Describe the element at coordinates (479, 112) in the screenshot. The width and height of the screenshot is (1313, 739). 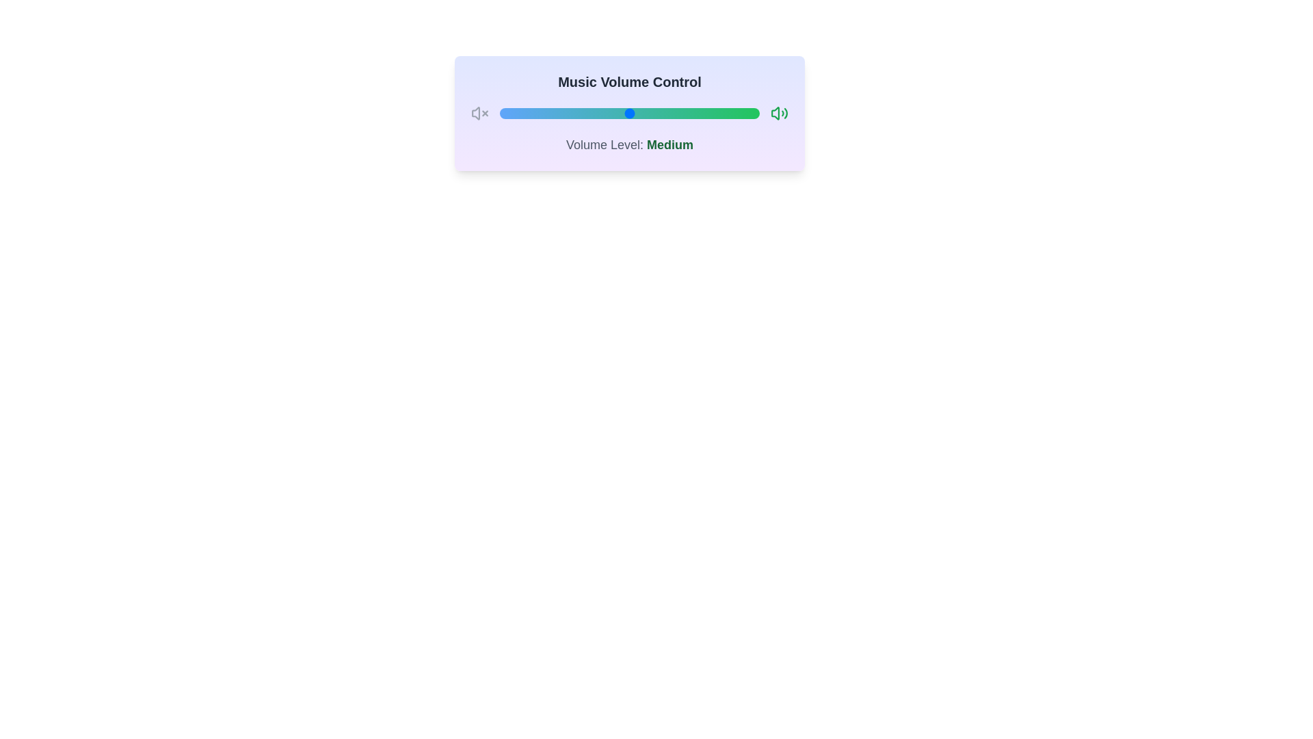
I see `the mute icon to mute the volume` at that location.